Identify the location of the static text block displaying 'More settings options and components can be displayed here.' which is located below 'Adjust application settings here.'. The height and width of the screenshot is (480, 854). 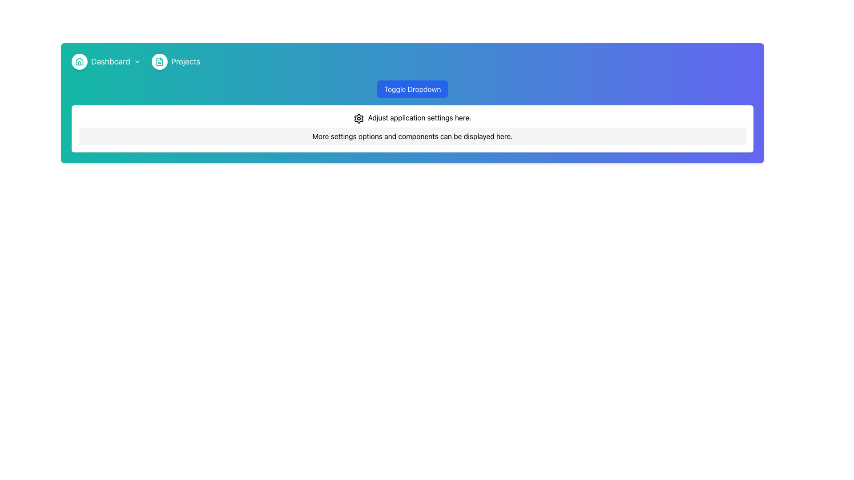
(412, 136).